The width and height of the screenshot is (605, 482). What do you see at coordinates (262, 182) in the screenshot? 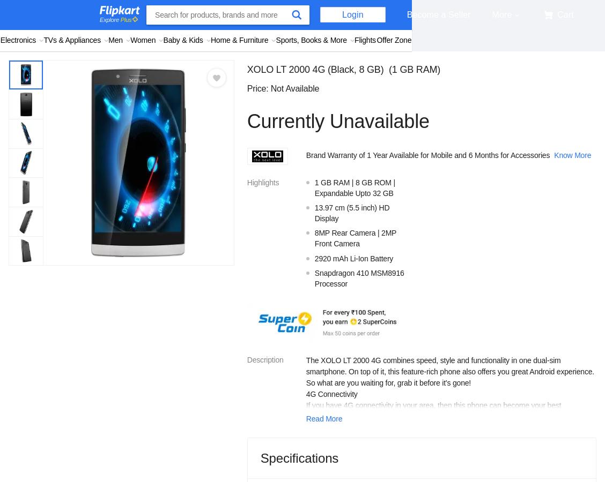
I see `'Highlights'` at bounding box center [262, 182].